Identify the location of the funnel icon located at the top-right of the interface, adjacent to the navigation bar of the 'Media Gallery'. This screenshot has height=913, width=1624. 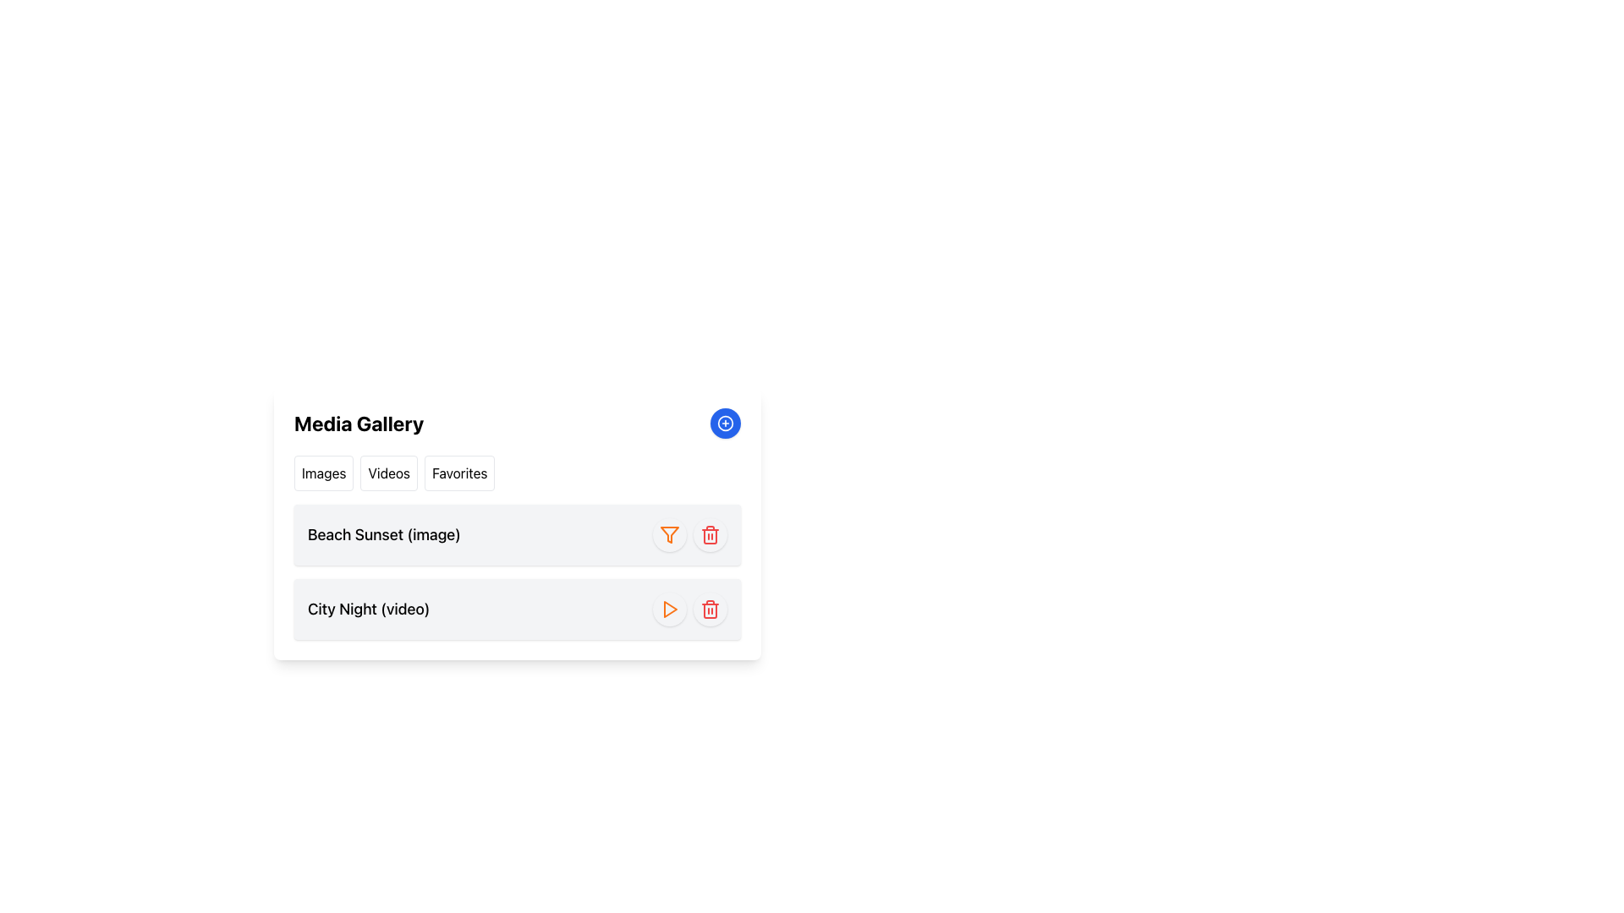
(669, 534).